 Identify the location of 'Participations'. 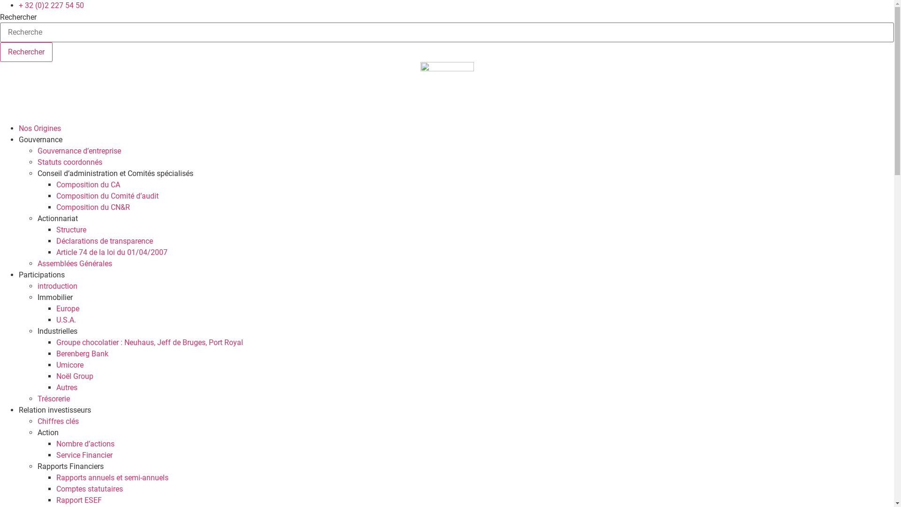
(41, 275).